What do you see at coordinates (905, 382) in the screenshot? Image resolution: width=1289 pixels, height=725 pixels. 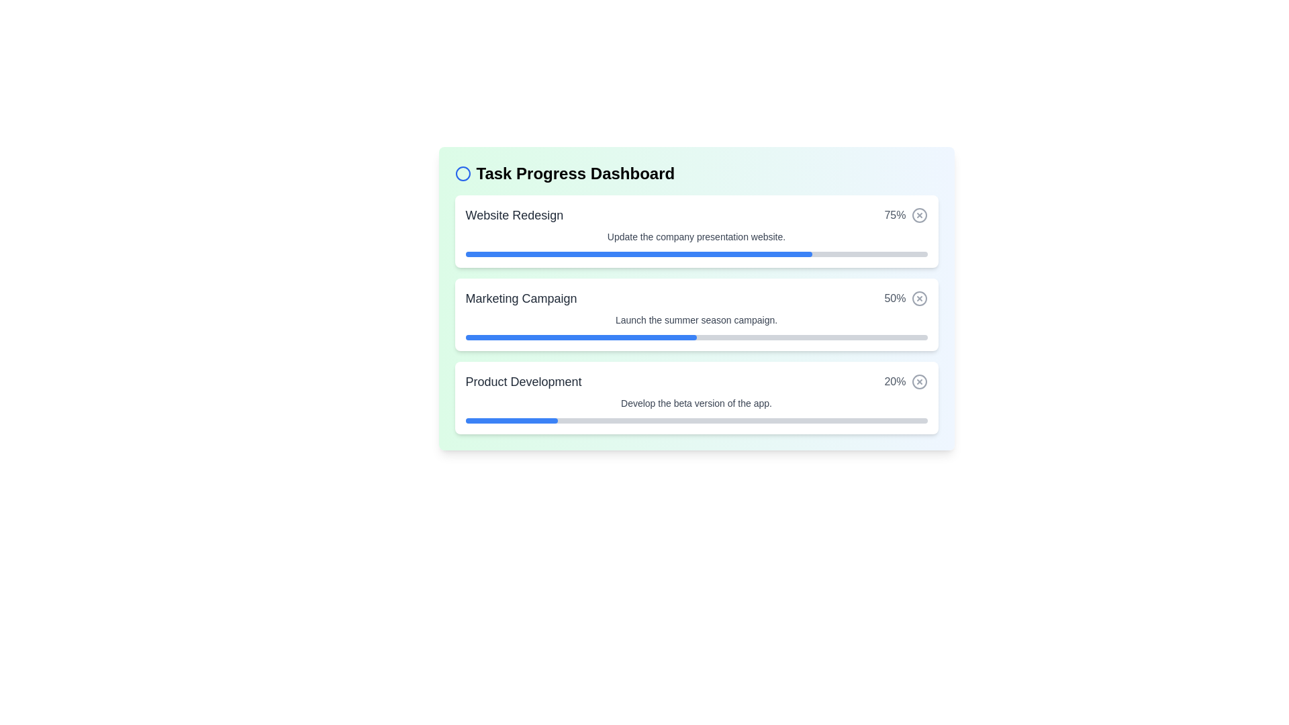 I see `the area near the '20%' progress percentage or the associated icon in the 'Product Development' row of the 'Task Progress Dashboard'` at bounding box center [905, 382].